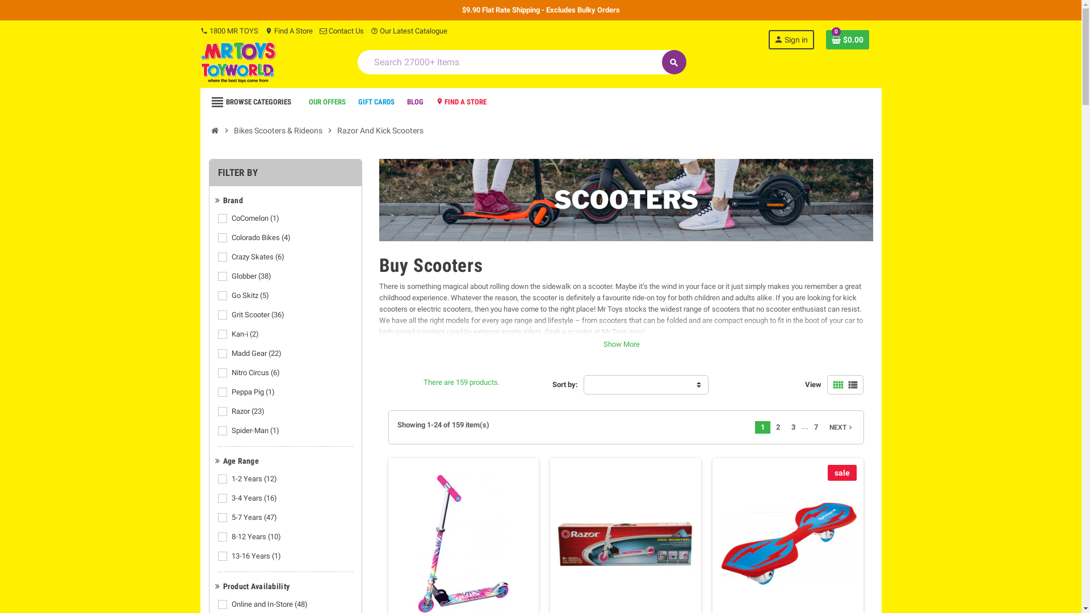 This screenshot has height=613, width=1090. Describe the element at coordinates (370, 30) in the screenshot. I see `'help_outline Our Latest Catalogue'` at that location.